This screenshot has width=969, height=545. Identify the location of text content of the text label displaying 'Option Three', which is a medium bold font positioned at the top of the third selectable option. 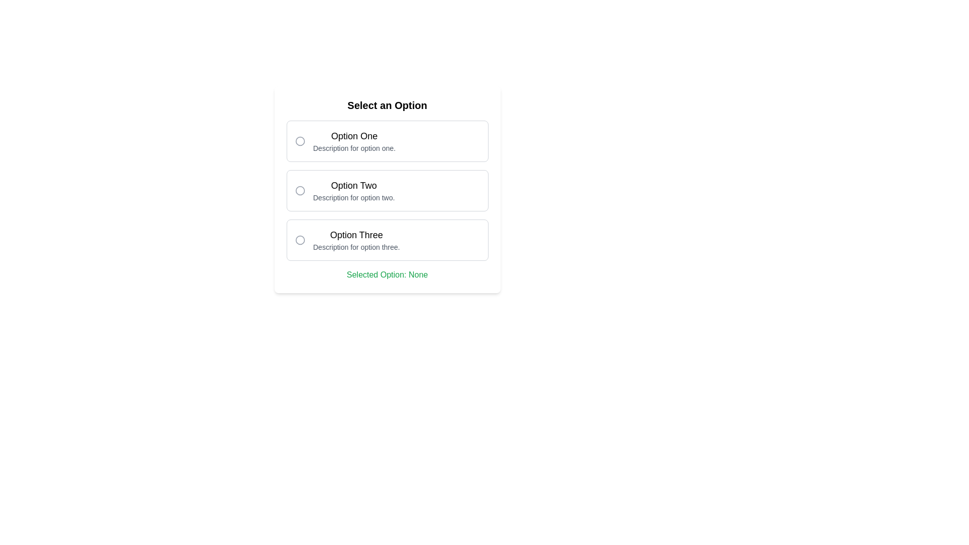
(356, 235).